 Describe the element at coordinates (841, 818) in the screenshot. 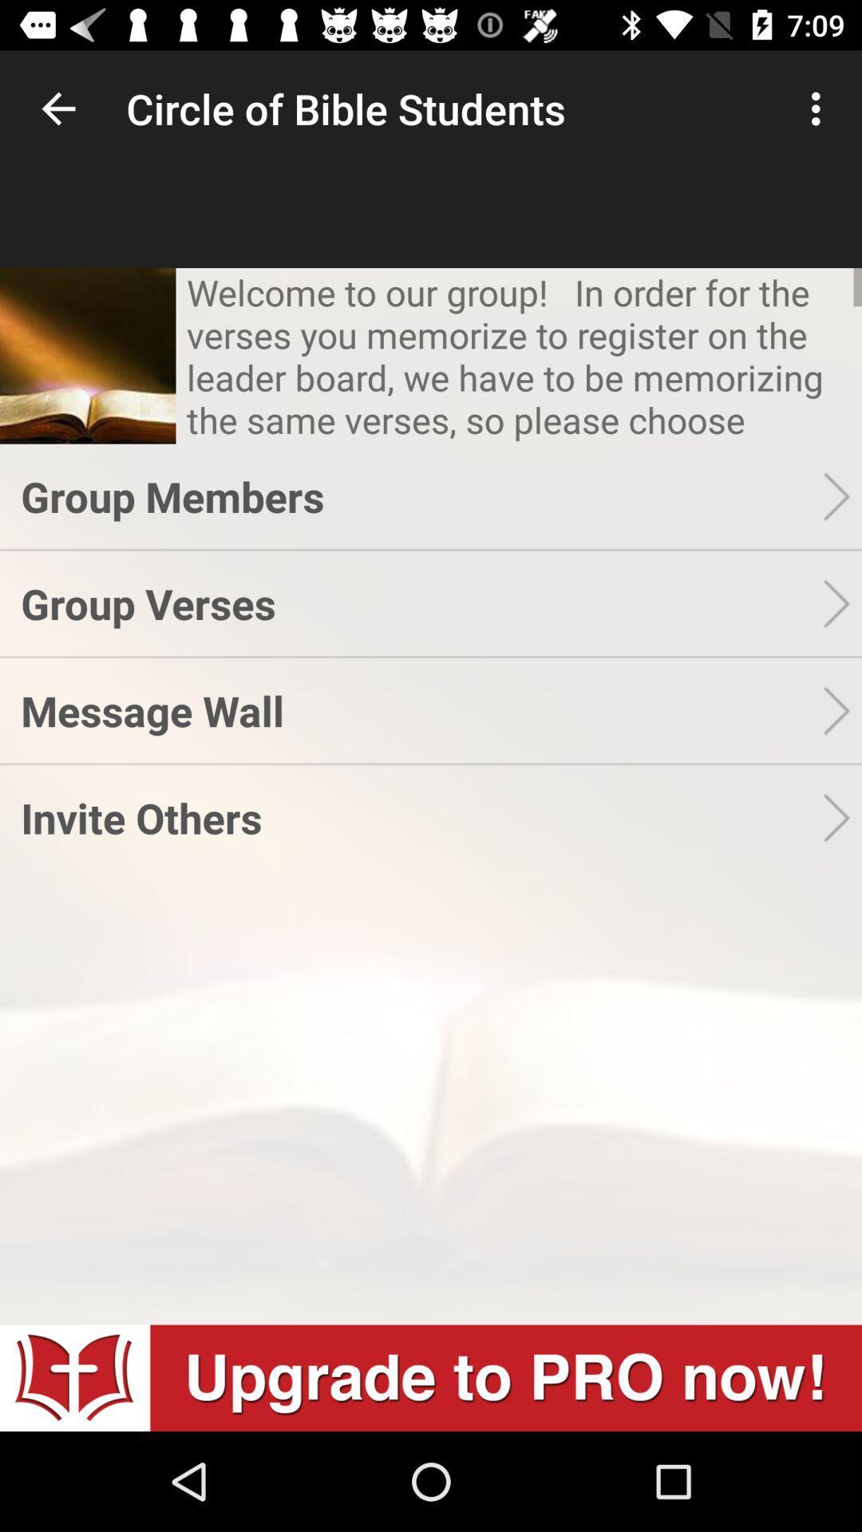

I see `the arrow icon next to invite others` at that location.